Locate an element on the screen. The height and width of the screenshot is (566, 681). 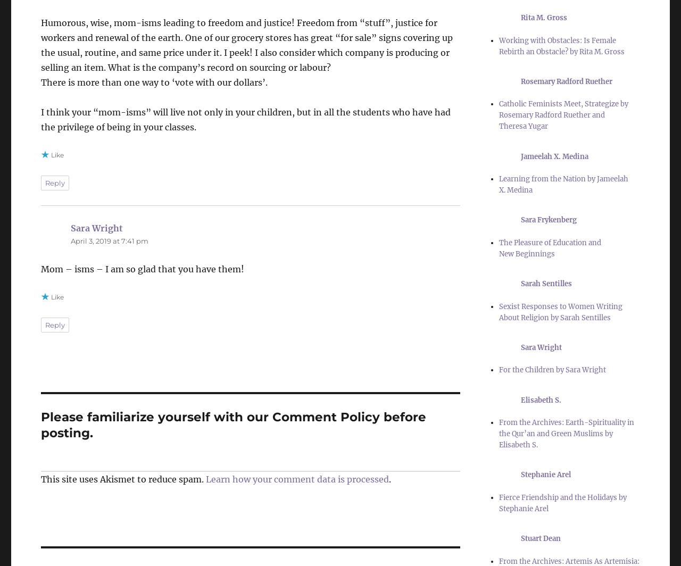
'Learn how your comment data is processed' is located at coordinates (297, 479).